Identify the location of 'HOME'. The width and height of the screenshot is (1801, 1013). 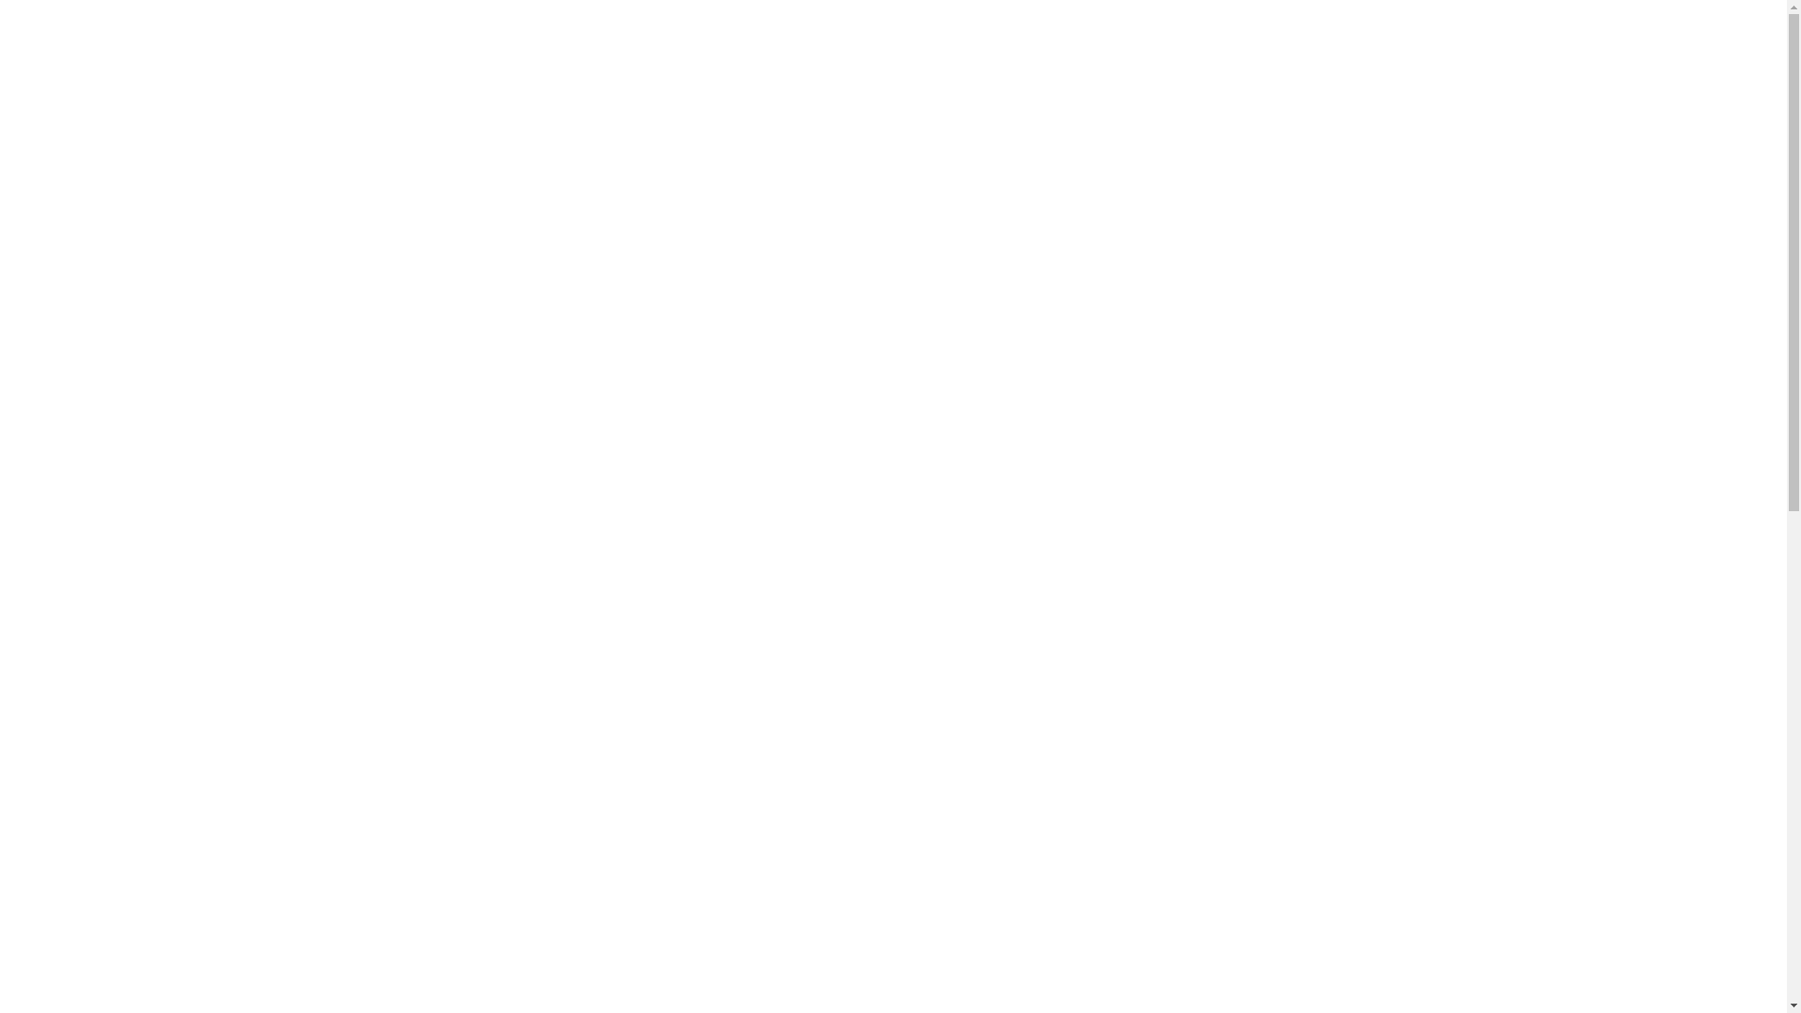
(399, 127).